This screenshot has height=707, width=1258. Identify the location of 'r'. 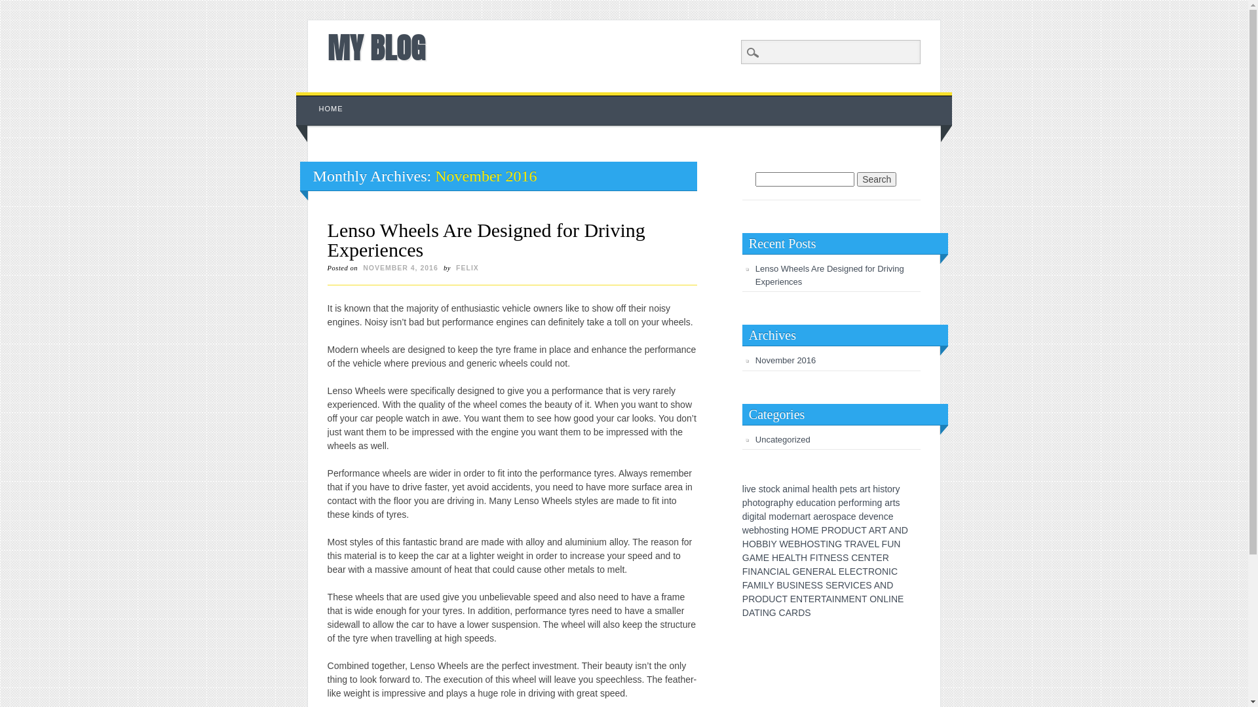
(891, 501).